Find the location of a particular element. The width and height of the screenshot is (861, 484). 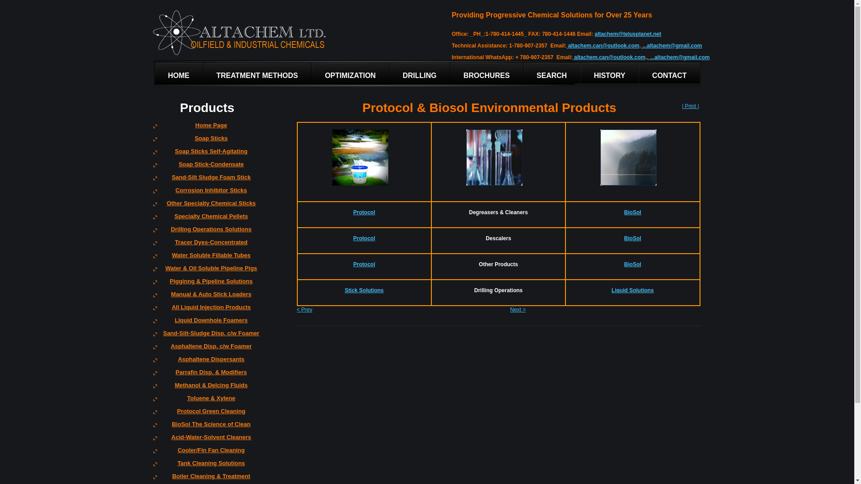

'Soap Sticks' is located at coordinates (207, 141).